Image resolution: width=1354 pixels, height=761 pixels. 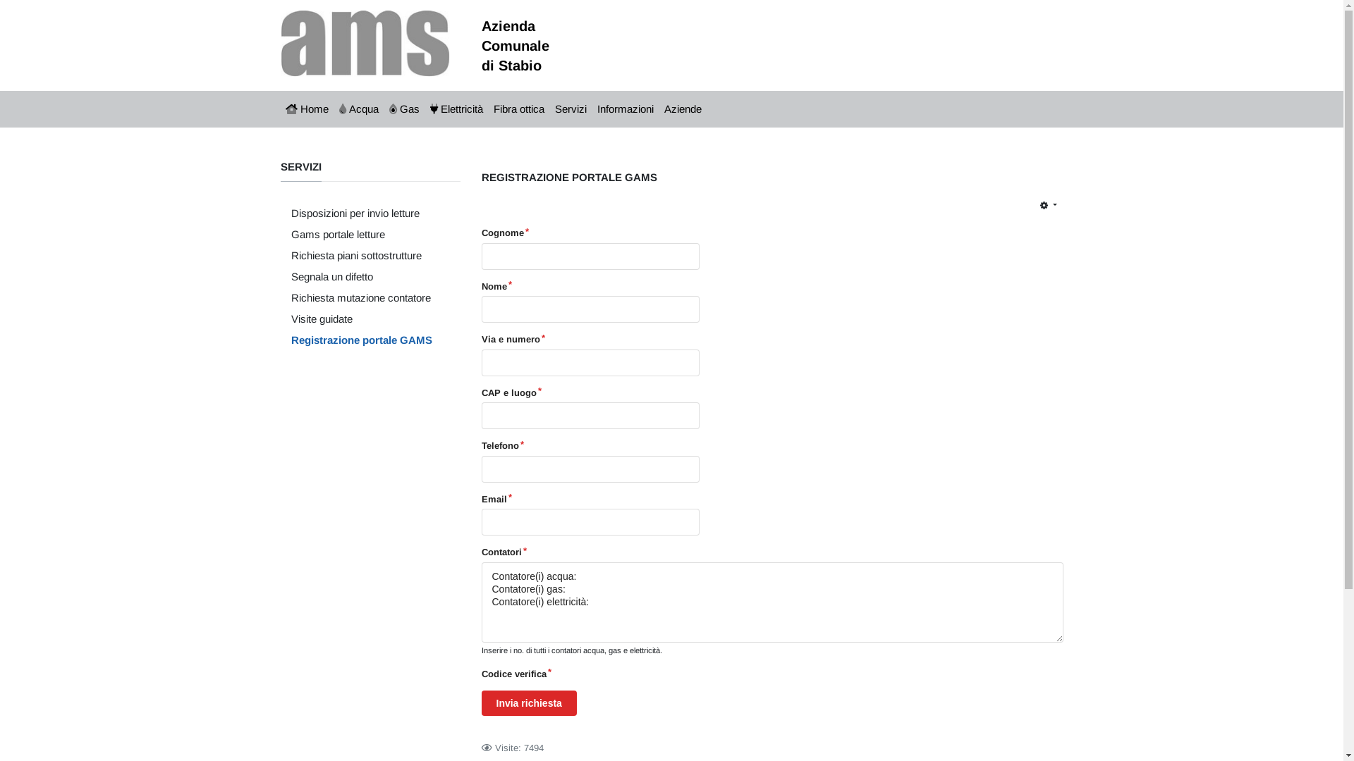 I want to click on 'Informazioni', so click(x=625, y=108).